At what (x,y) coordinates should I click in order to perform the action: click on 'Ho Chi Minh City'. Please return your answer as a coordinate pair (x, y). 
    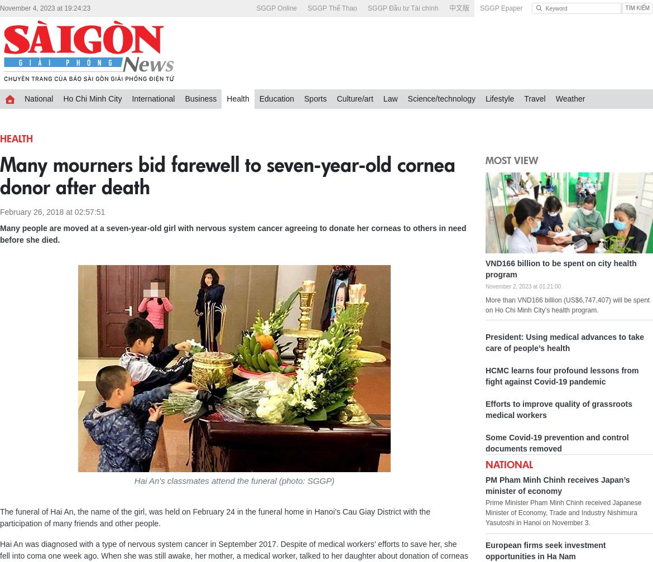
    Looking at the image, I should click on (63, 99).